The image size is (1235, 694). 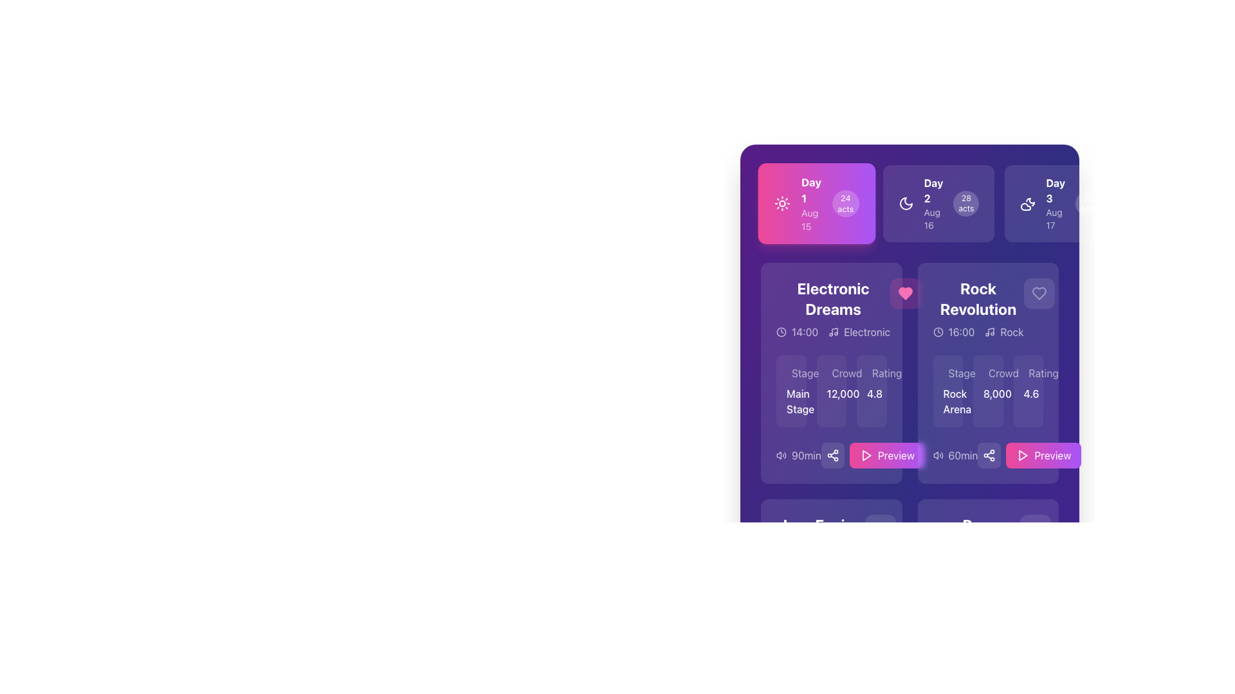 What do you see at coordinates (1023, 455) in the screenshot?
I see `the triangular pink play button icon located at the bottom of the 'Rock Revolution' card by` at bounding box center [1023, 455].